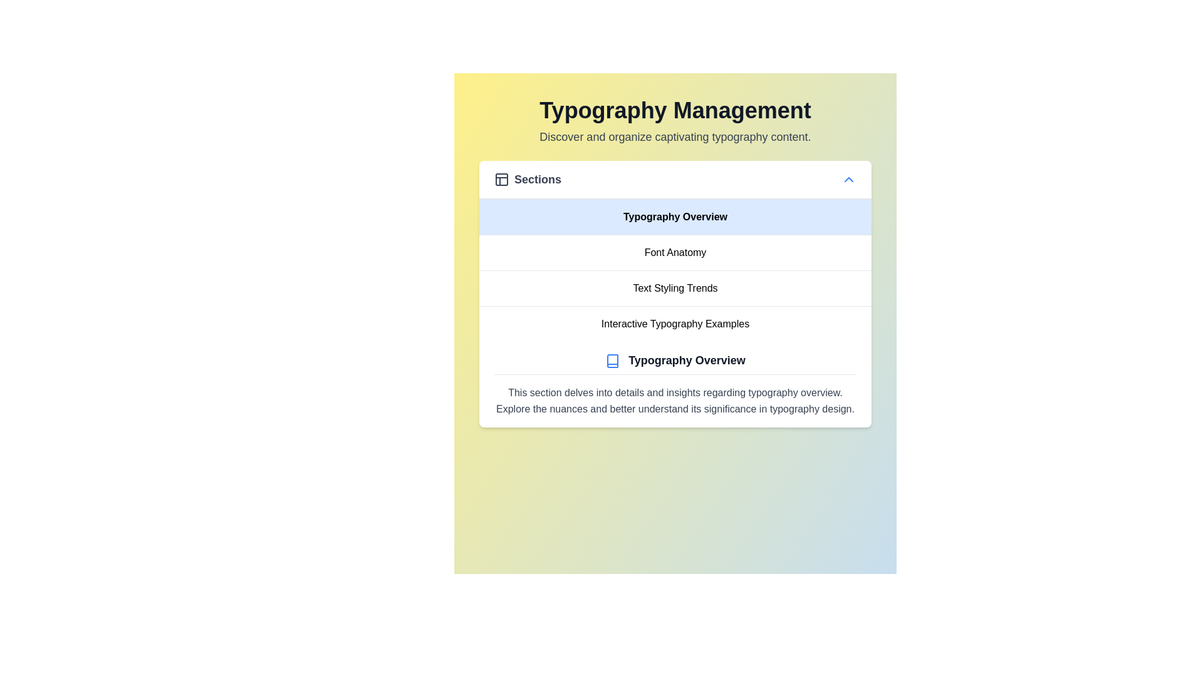 The height and width of the screenshot is (676, 1203). Describe the element at coordinates (848, 179) in the screenshot. I see `the small upward-pointing blue chevron icon located at the upper-right corner of the 'Sections' header` at that location.